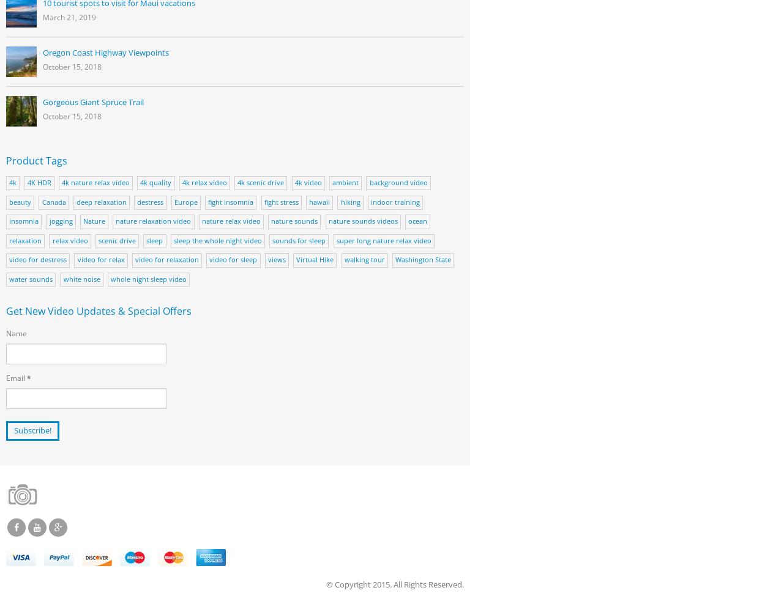  What do you see at coordinates (314, 259) in the screenshot?
I see `'Virtual Hike'` at bounding box center [314, 259].